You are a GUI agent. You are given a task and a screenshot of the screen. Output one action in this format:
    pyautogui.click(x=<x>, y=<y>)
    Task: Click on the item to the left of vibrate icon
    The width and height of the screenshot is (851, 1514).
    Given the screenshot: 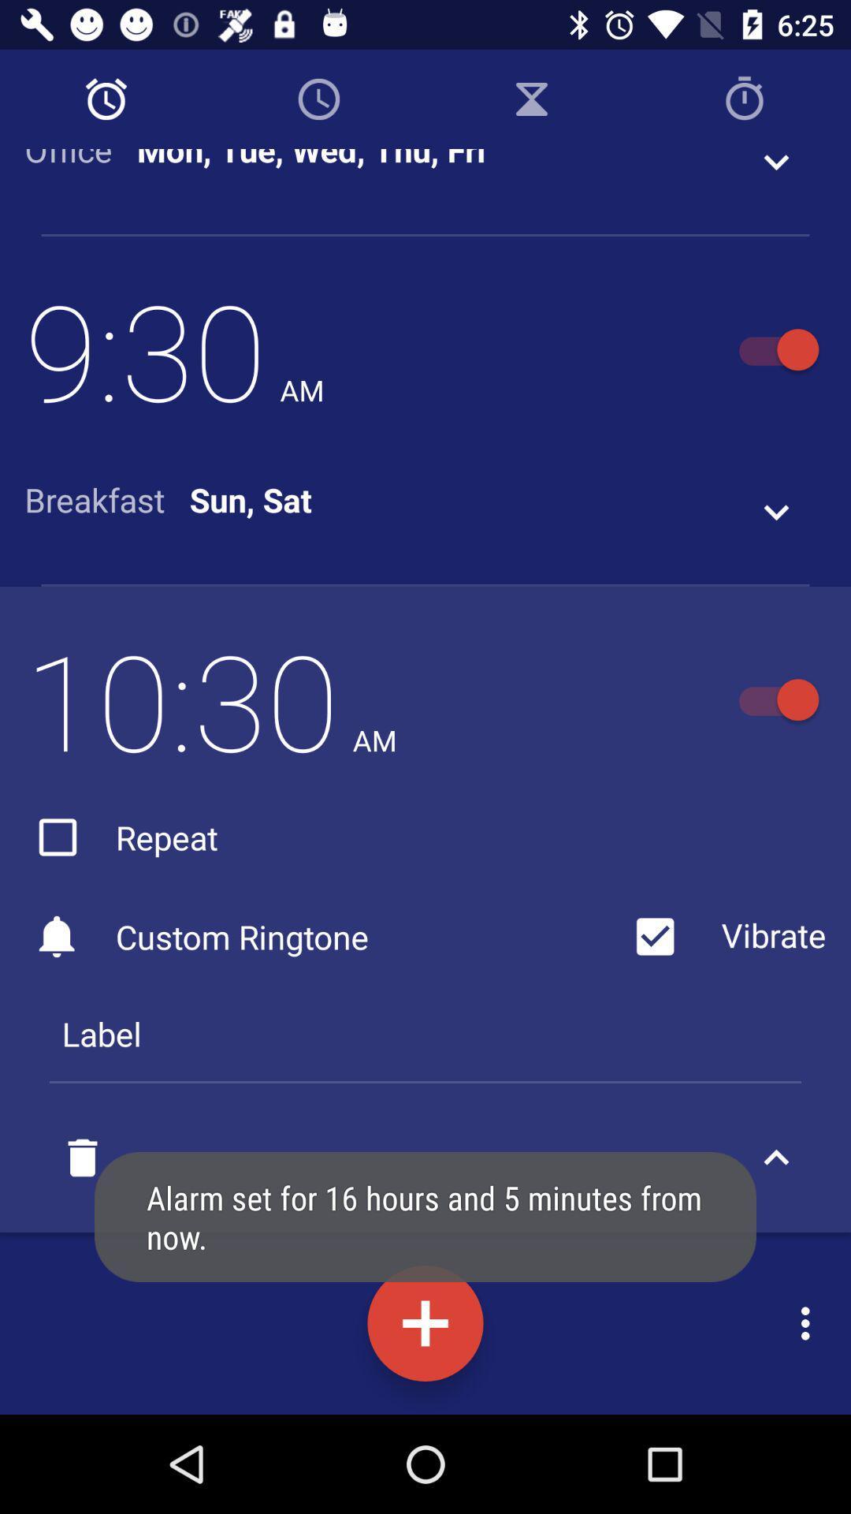 What is the action you would take?
    pyautogui.click(x=322, y=937)
    